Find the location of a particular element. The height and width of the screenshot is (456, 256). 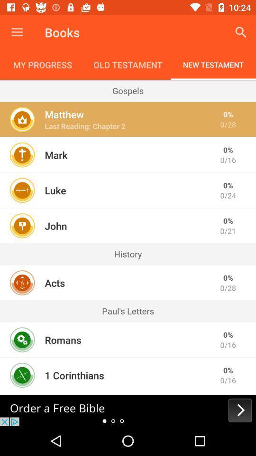

the item next to 0/16 item is located at coordinates (63, 340).